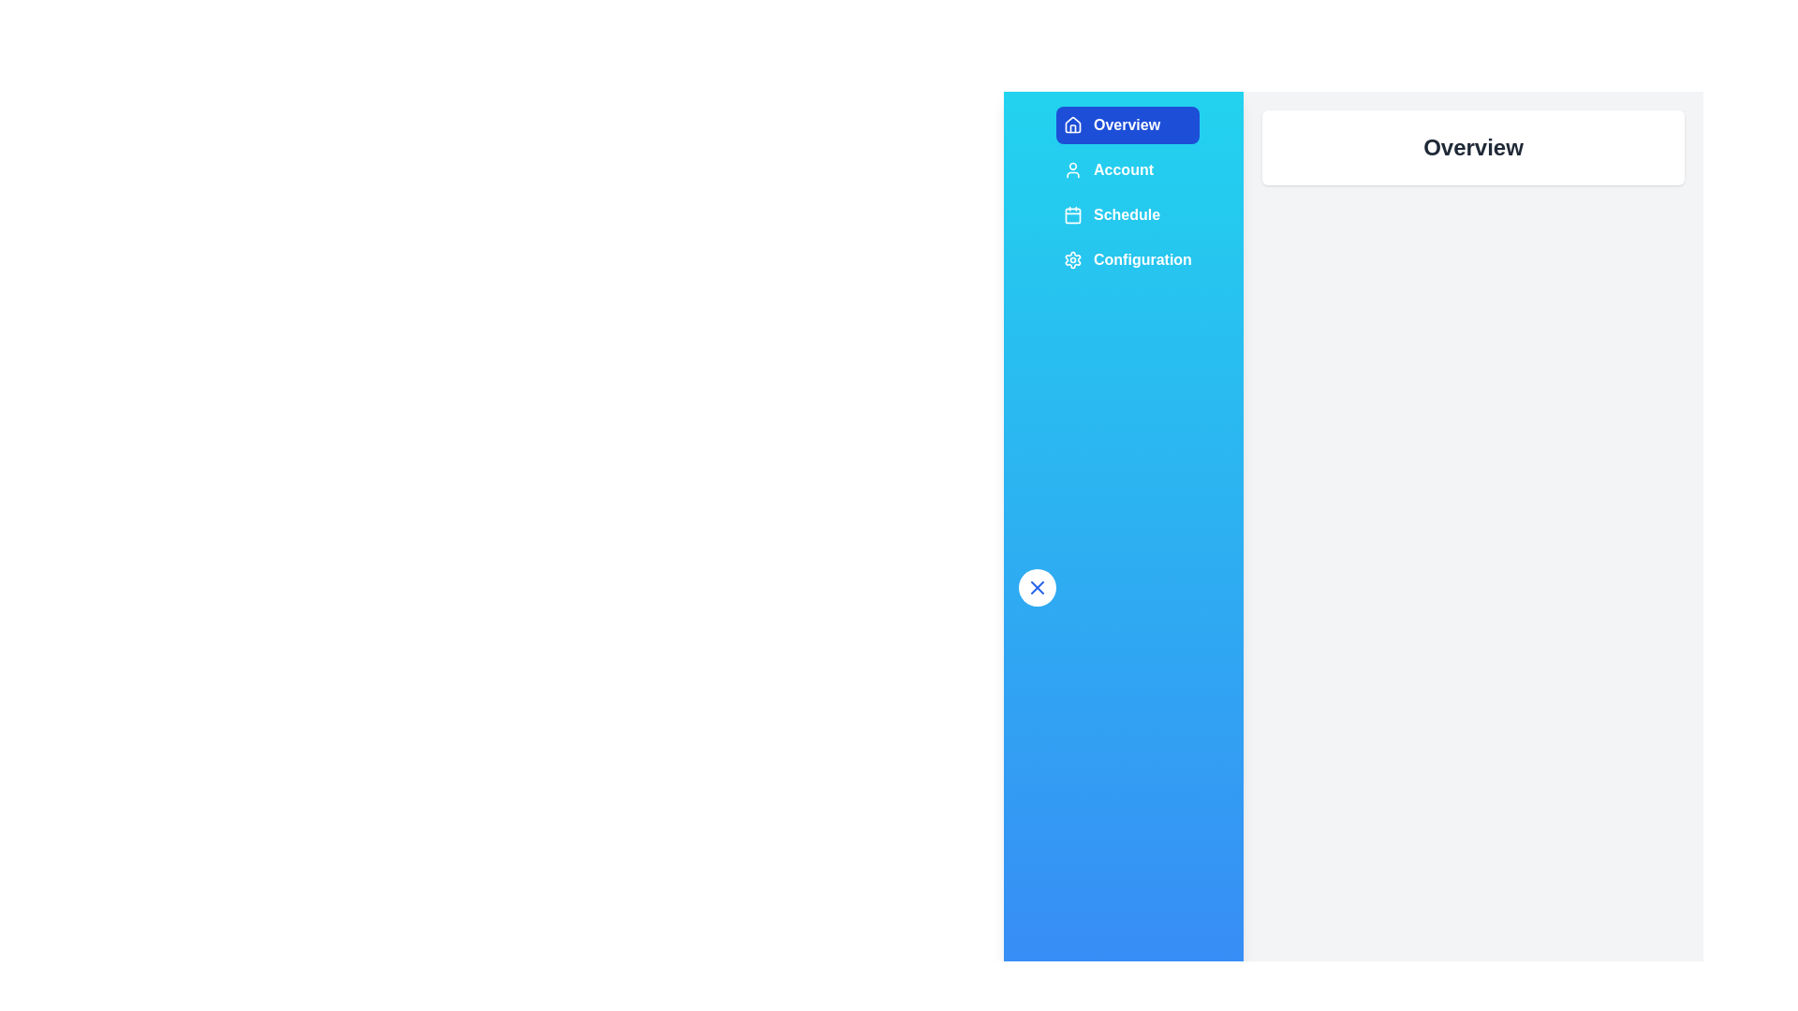 This screenshot has height=1011, width=1798. Describe the element at coordinates (1127, 214) in the screenshot. I see `the sidebar section labeled Schedule` at that location.